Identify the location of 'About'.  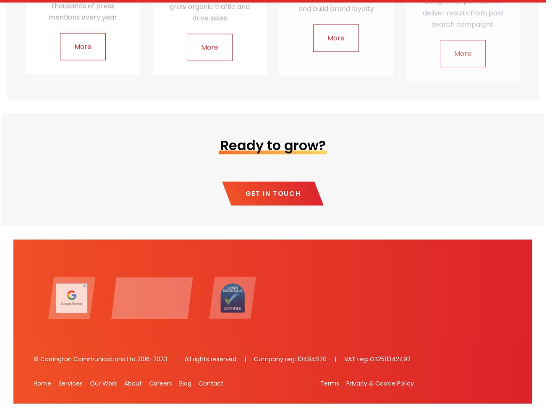
(133, 383).